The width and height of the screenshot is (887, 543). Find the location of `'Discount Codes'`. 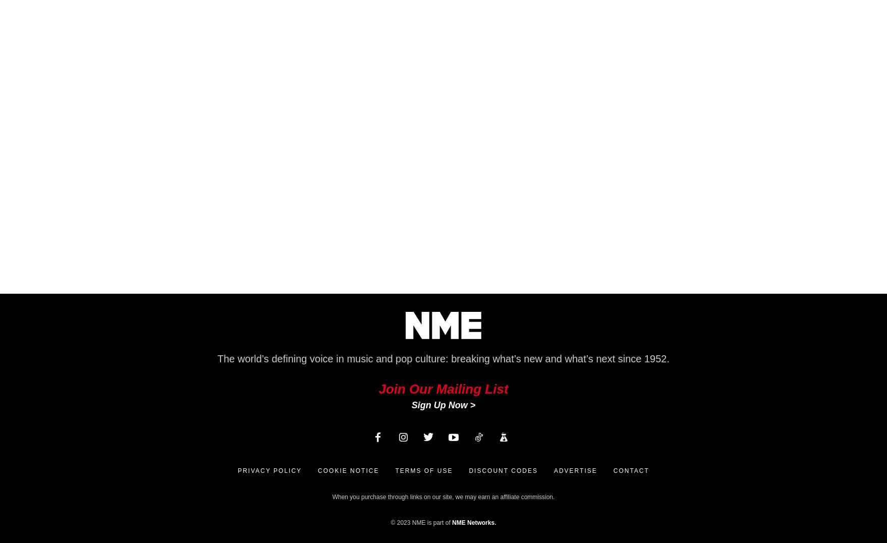

'Discount Codes' is located at coordinates (468, 470).